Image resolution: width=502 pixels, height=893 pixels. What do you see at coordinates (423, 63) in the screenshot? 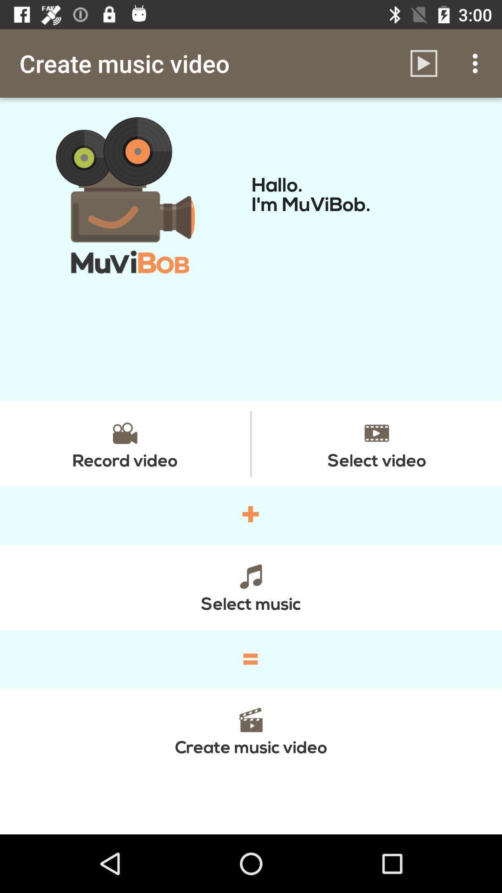
I see `icon above the hallo i m icon` at bounding box center [423, 63].